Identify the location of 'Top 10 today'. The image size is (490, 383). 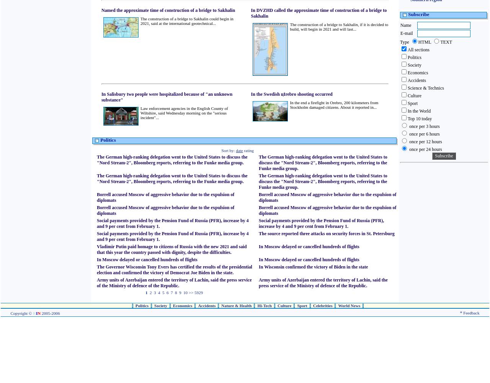
(419, 119).